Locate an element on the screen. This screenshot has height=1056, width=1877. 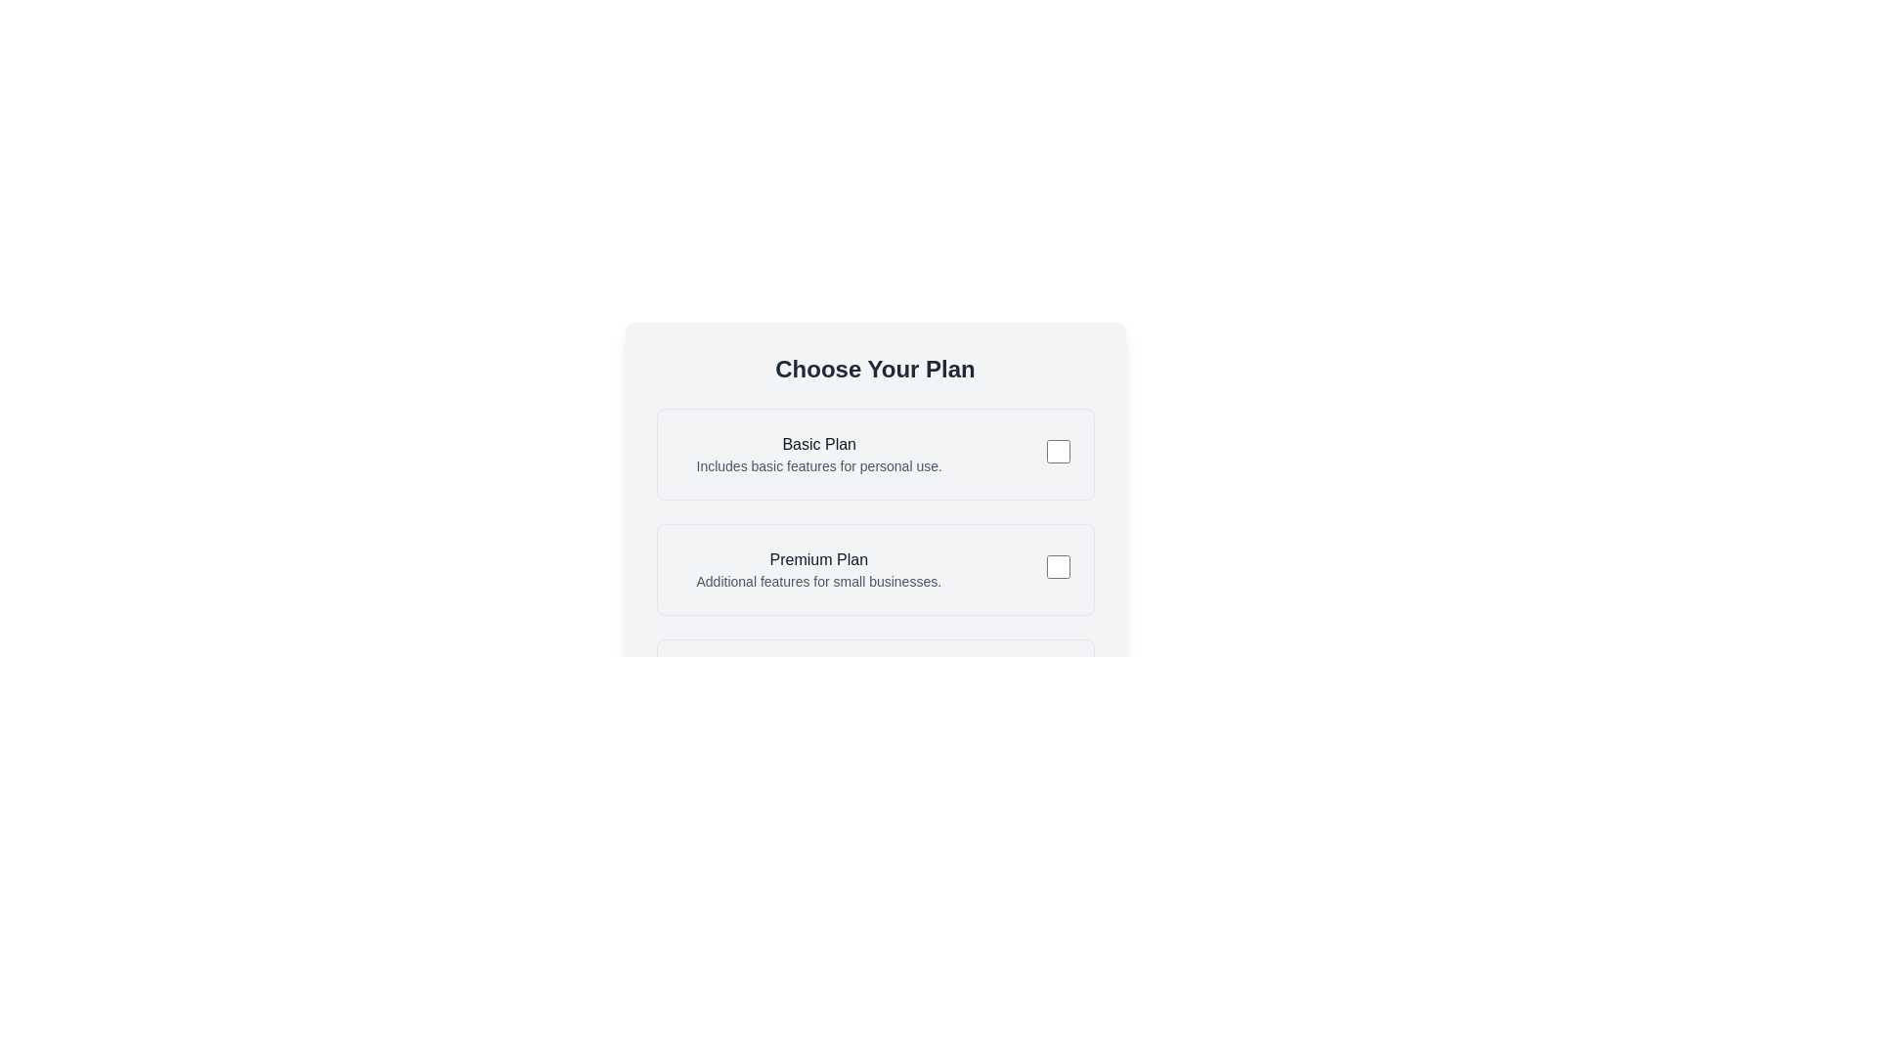
details of the 'Premium Plan' option, which is the second option in the list of selectable plans, located below the 'Basic Plan' and includes a checkbox on its right side is located at coordinates (818, 569).